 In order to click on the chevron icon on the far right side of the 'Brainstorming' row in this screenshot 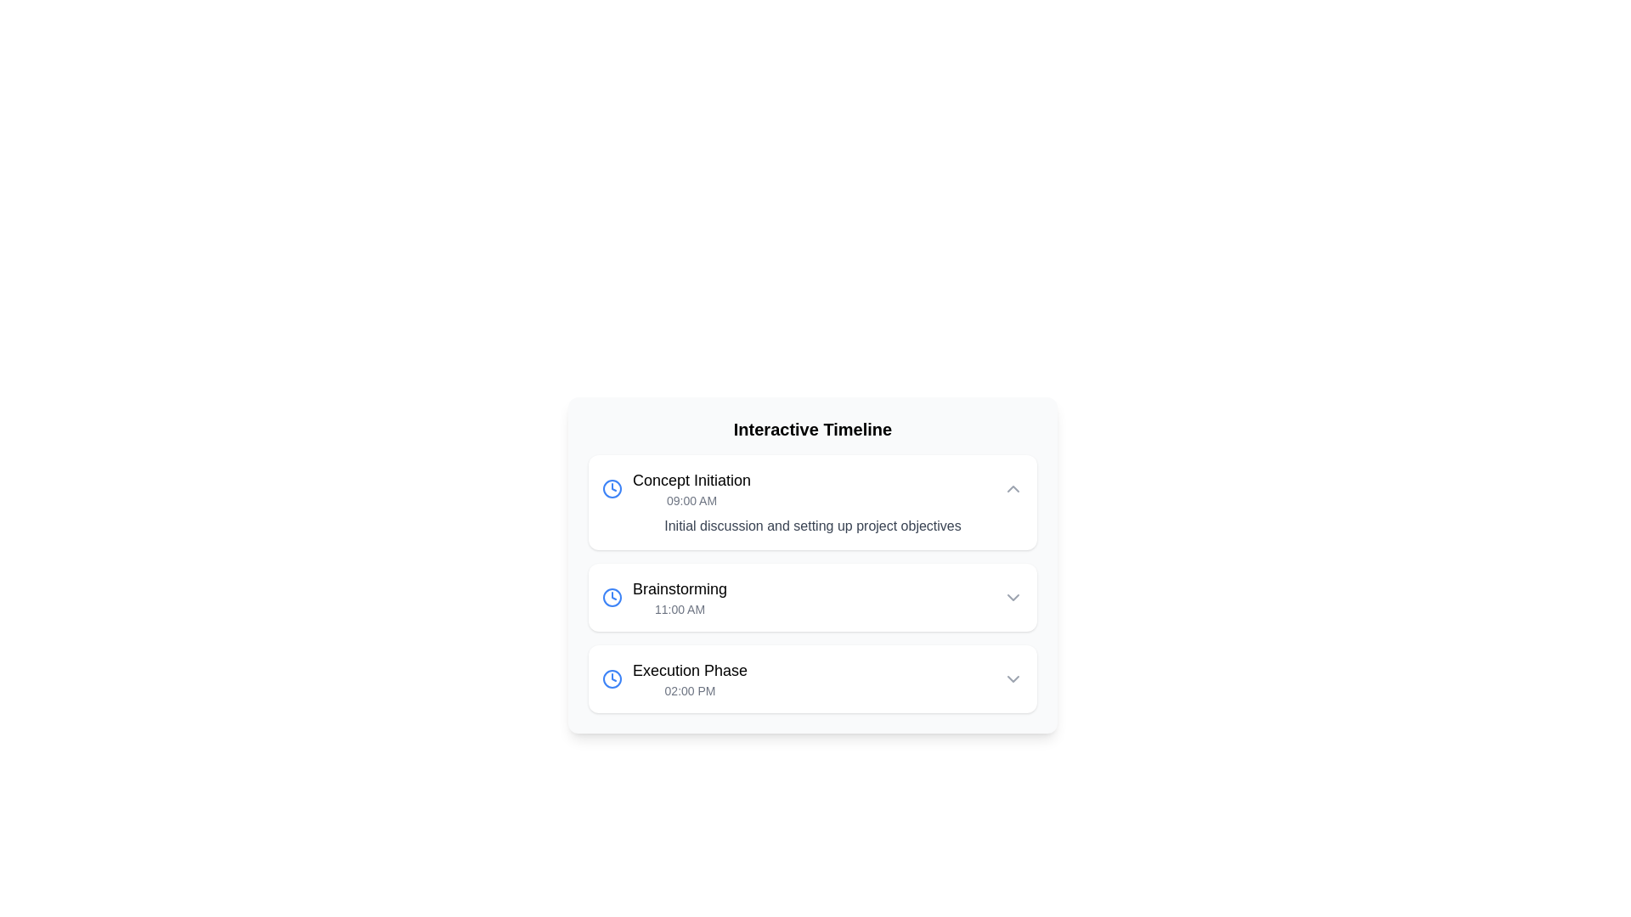, I will do `click(1013, 597)`.